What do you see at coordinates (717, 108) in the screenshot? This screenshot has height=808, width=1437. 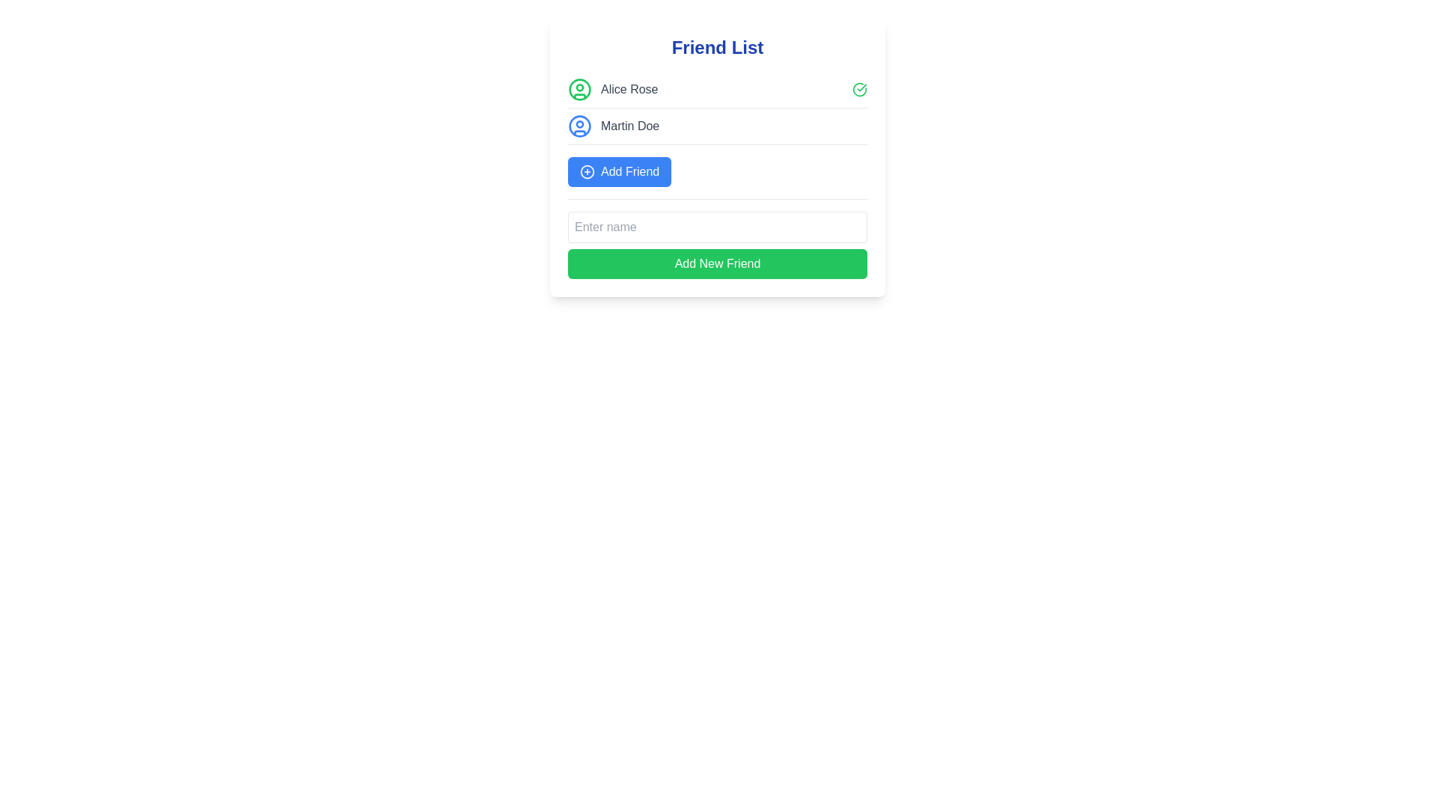 I see `the checkmark next to 'Alice Rose' in the friends list` at bounding box center [717, 108].